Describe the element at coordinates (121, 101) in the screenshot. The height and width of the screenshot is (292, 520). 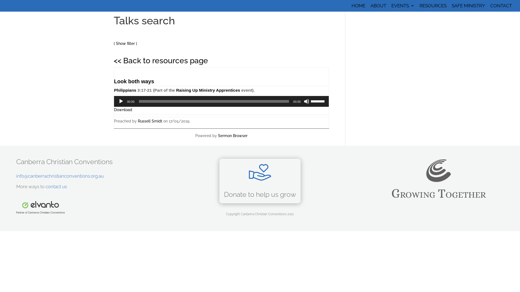
I see `'Play'` at that location.